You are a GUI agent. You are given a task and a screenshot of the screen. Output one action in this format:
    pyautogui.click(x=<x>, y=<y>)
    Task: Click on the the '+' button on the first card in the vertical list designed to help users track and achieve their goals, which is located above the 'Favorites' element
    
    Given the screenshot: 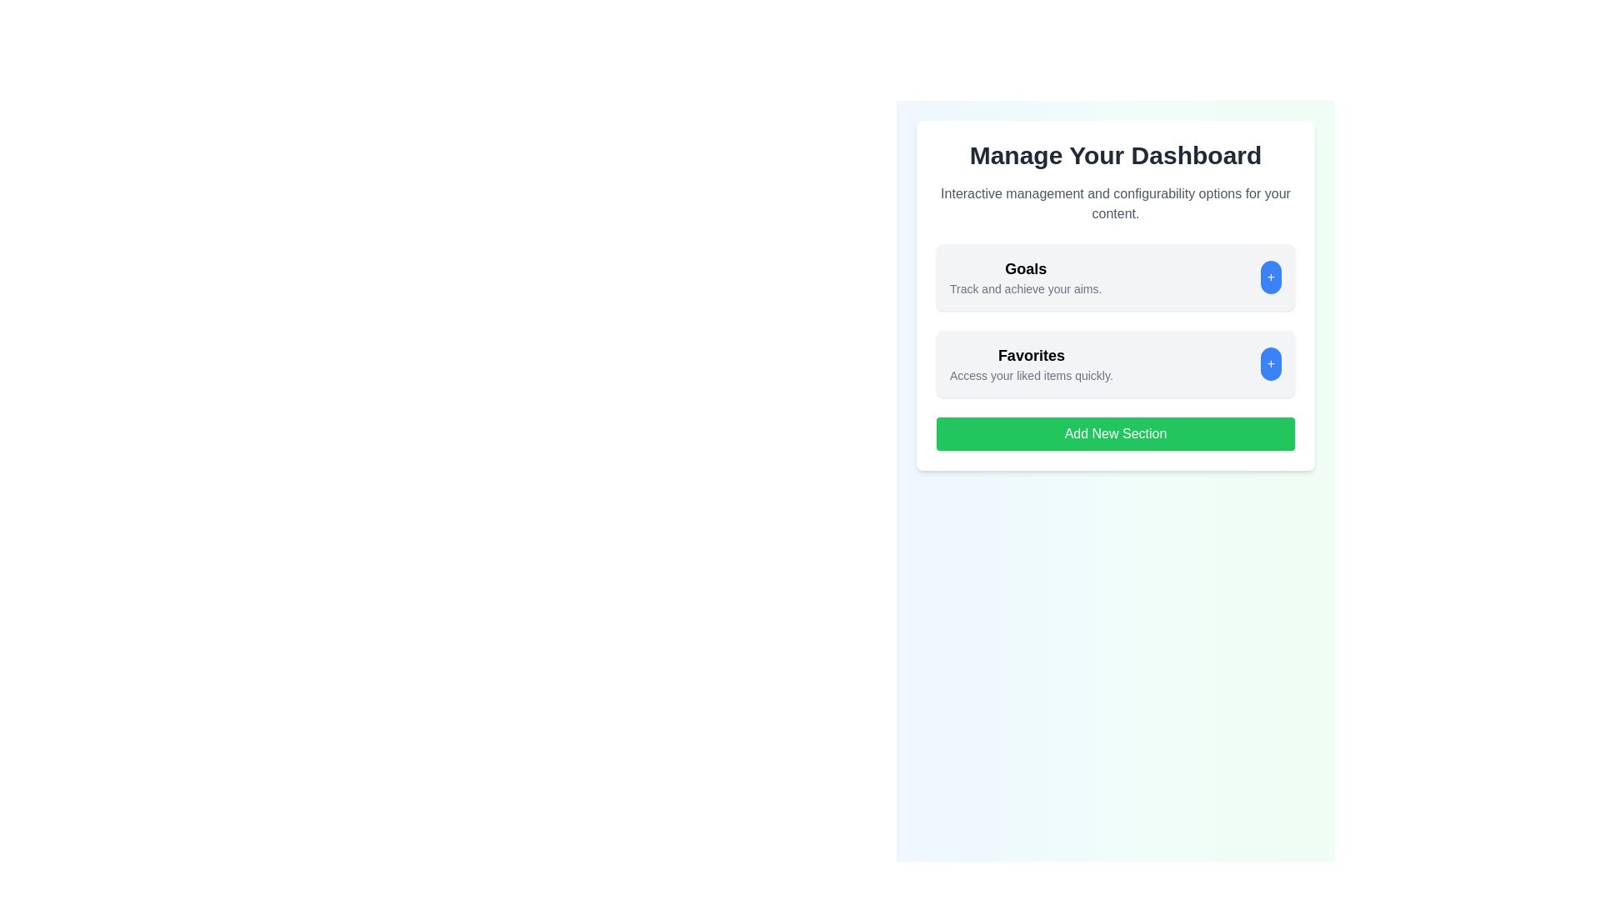 What is the action you would take?
    pyautogui.click(x=1116, y=276)
    